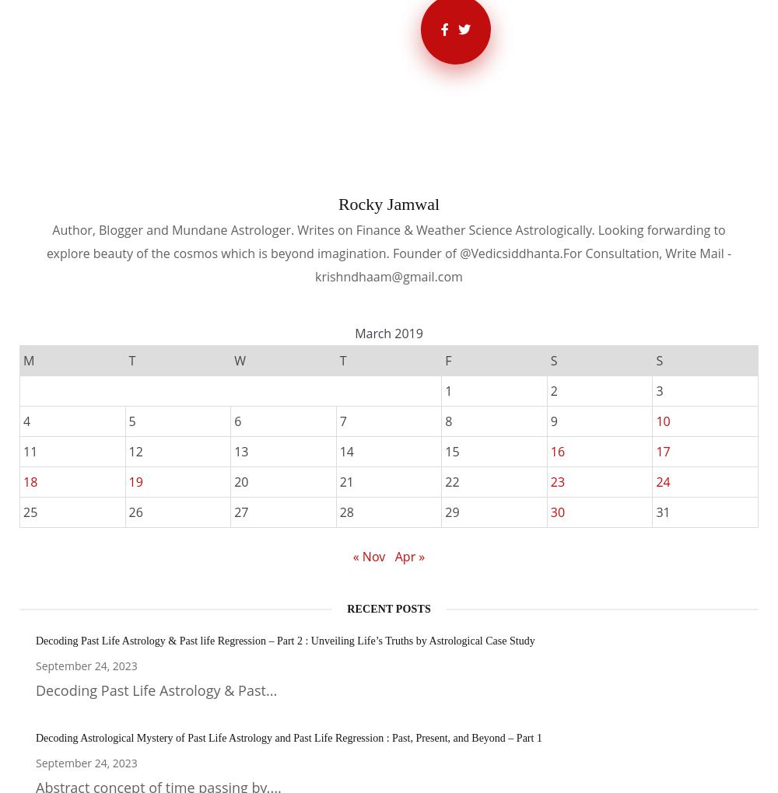  Describe the element at coordinates (662, 480) in the screenshot. I see `'24'` at that location.